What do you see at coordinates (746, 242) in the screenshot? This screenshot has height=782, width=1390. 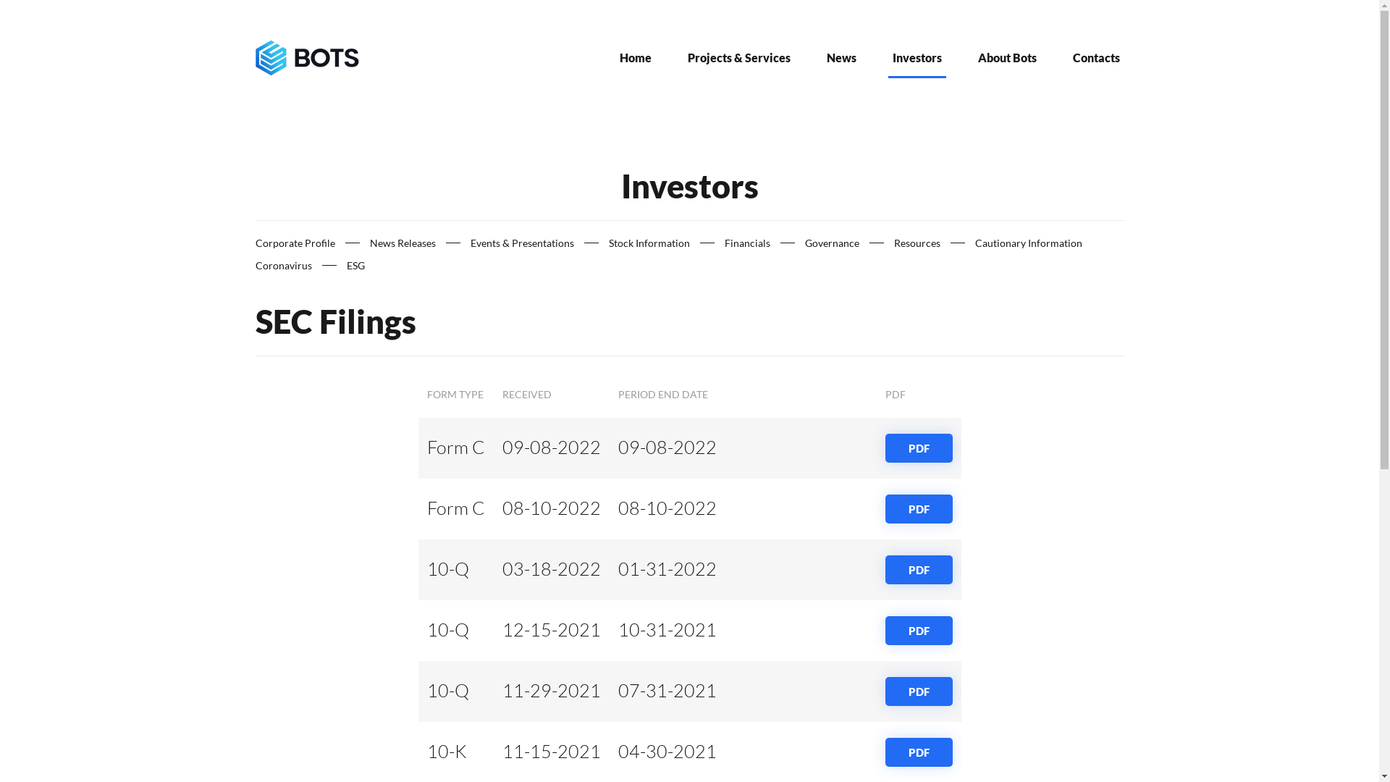 I see `'Financials'` at bounding box center [746, 242].